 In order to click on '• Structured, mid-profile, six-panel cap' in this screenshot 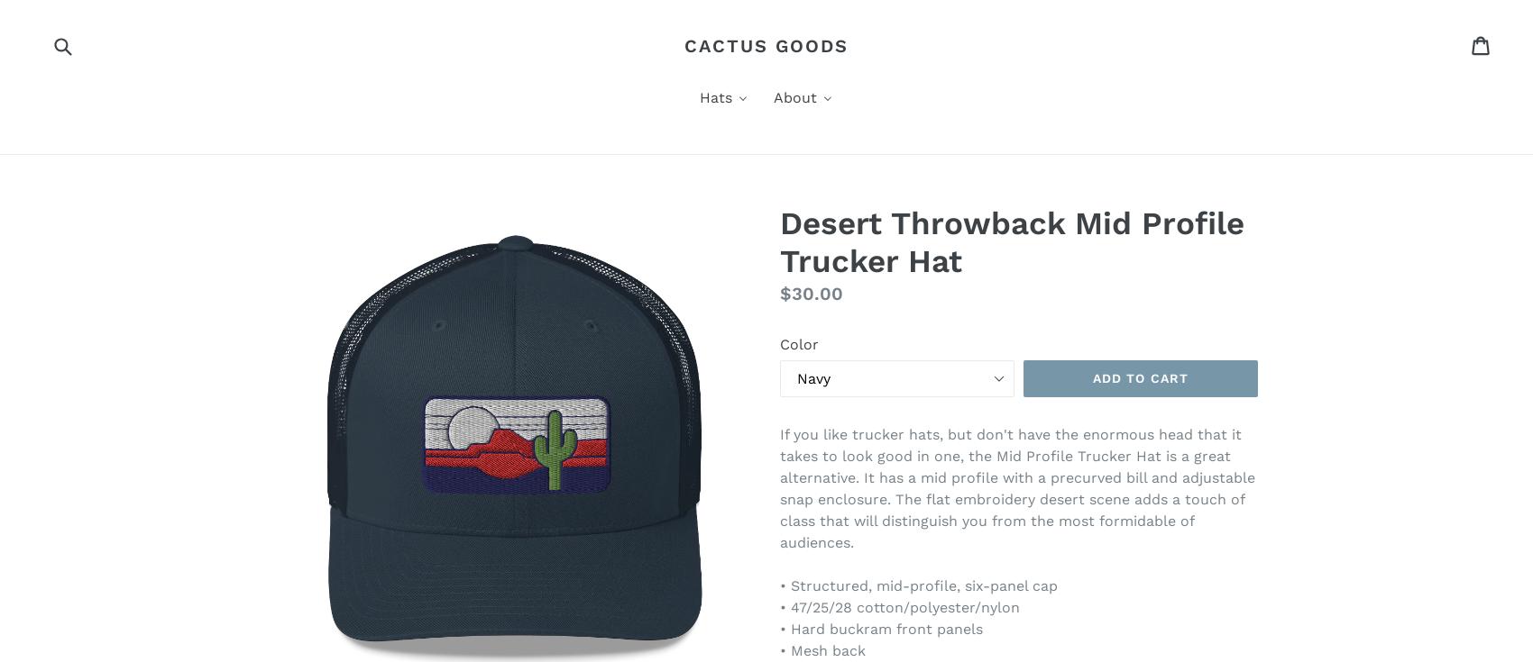, I will do `click(917, 585)`.